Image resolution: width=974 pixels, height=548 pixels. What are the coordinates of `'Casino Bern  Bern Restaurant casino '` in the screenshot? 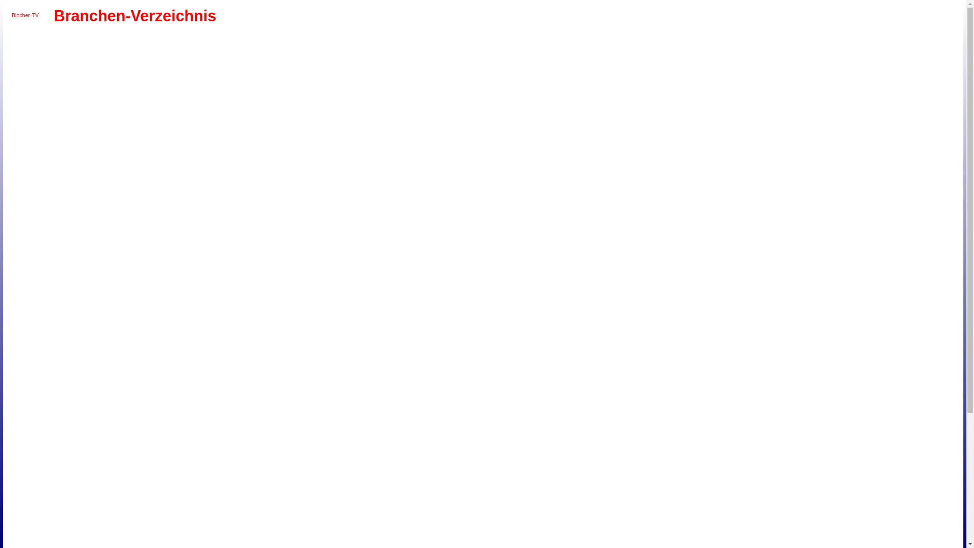 It's located at (141, 64).